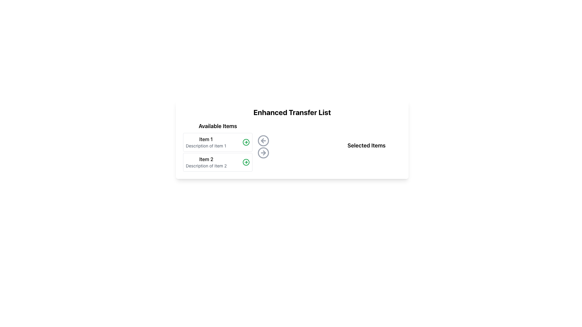 The image size is (582, 327). What do you see at coordinates (246, 162) in the screenshot?
I see `the circular icon button with a right-pointing arrow located to the right of 'Item 2' in the 'Available Items' column` at bounding box center [246, 162].